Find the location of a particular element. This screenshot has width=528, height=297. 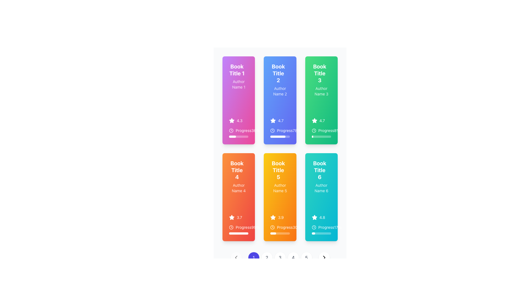

the small clock icon with circular outlines located to the left of the word 'Progress' in the card for 'Book Title 4' and 'Author Name 4' is located at coordinates (231, 227).